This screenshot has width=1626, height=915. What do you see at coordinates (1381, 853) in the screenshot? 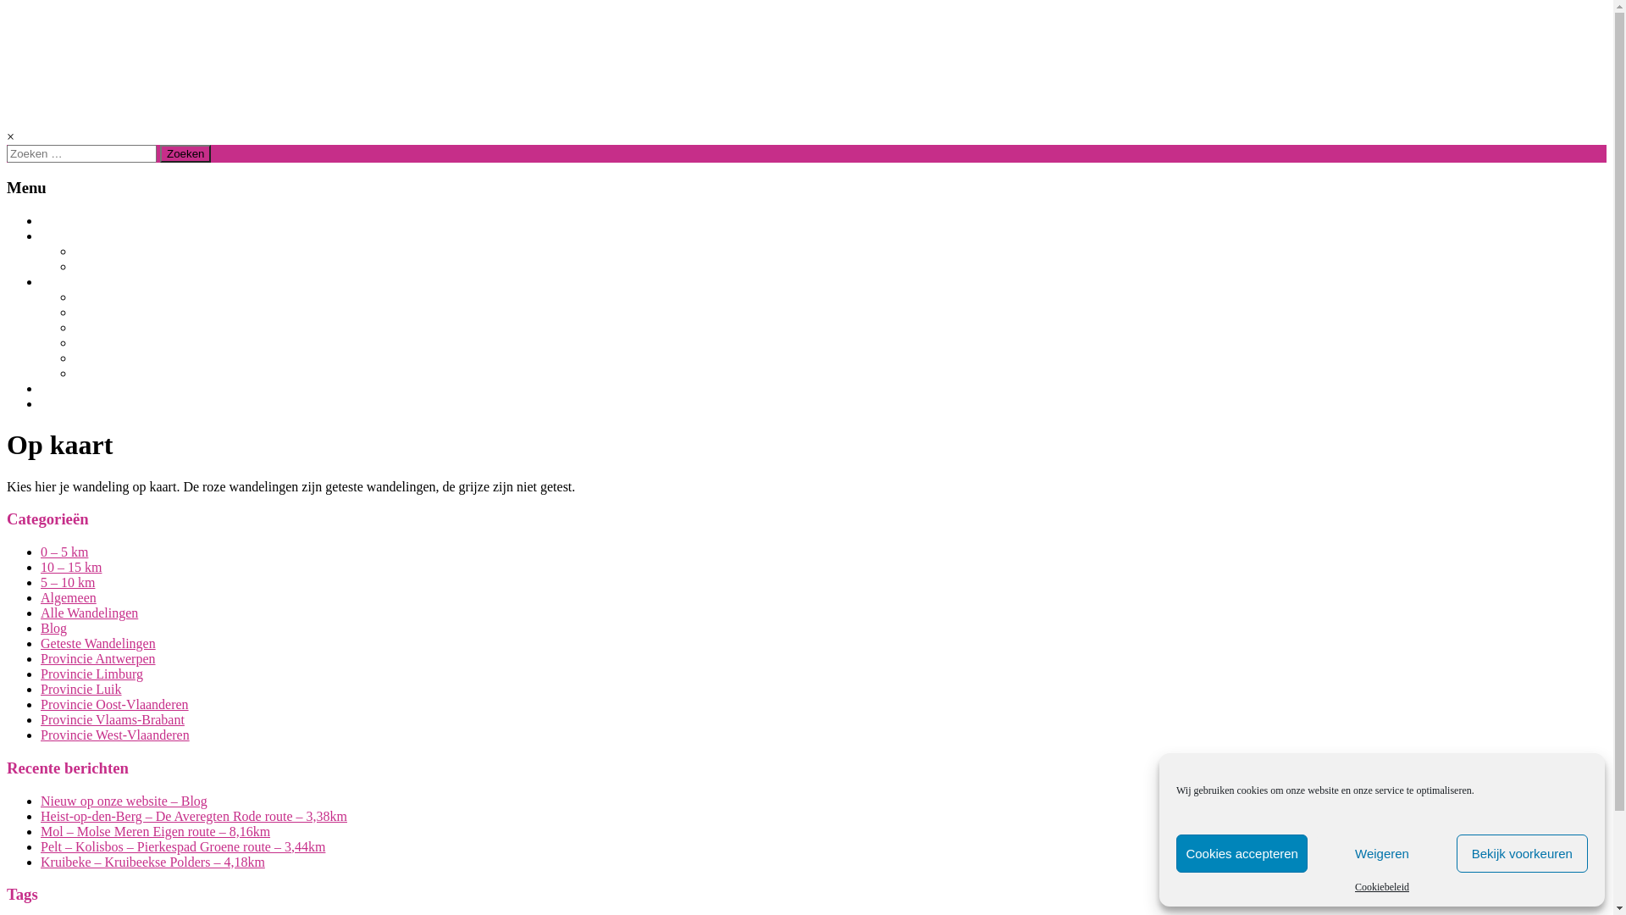
I see `'Weigeren'` at bounding box center [1381, 853].